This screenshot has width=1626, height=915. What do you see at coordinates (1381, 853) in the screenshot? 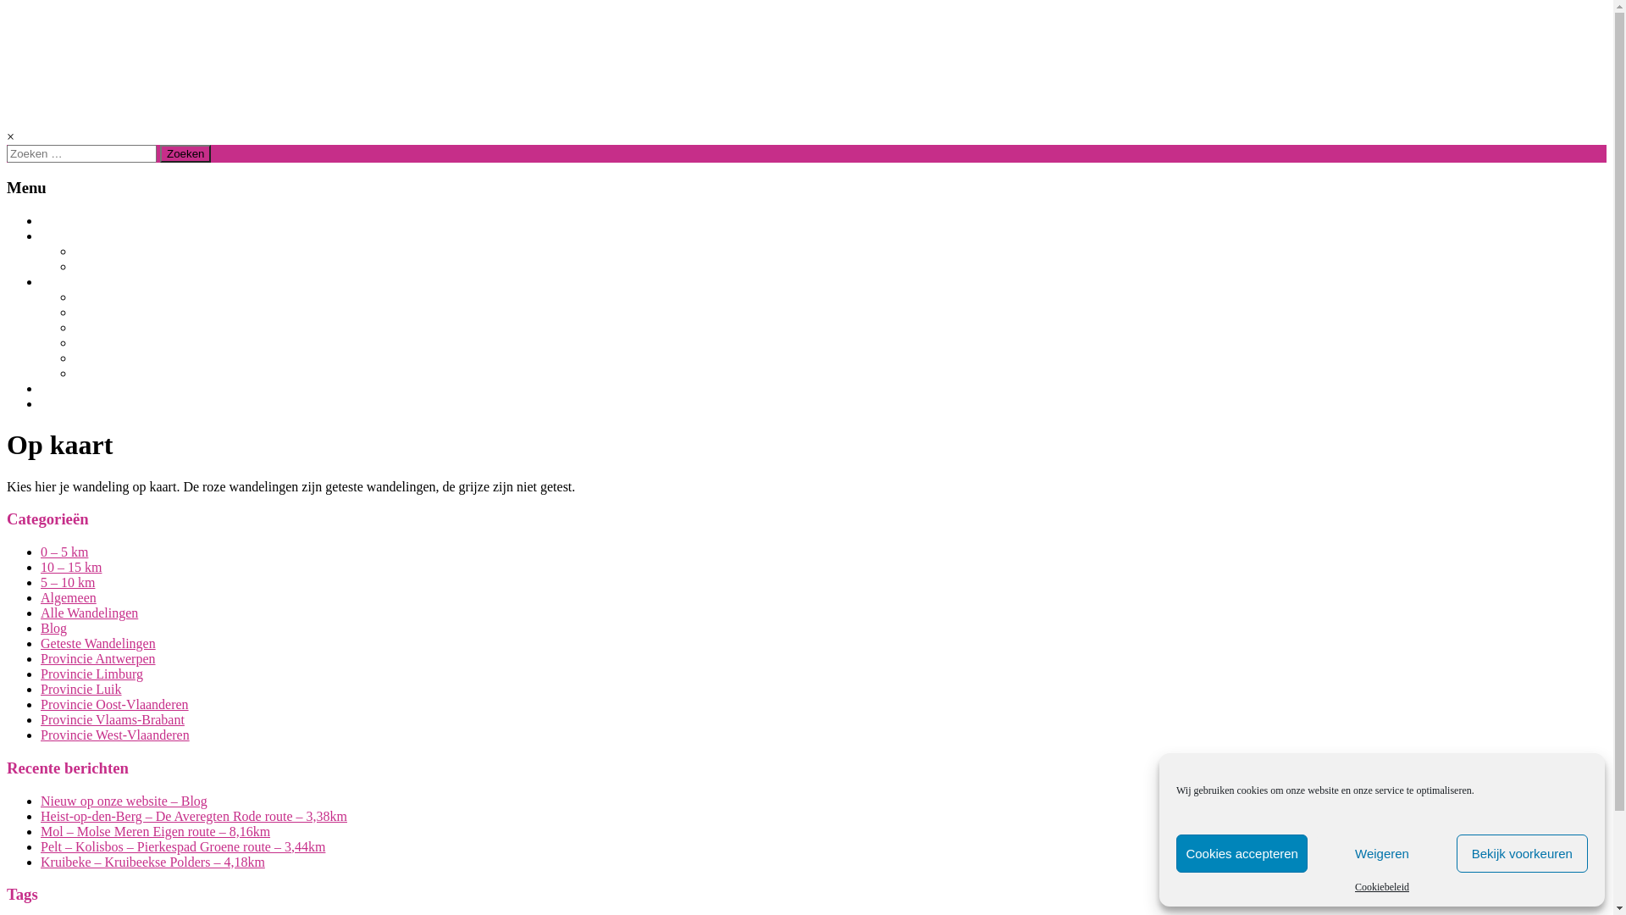
I see `'Weigeren'` at bounding box center [1381, 853].